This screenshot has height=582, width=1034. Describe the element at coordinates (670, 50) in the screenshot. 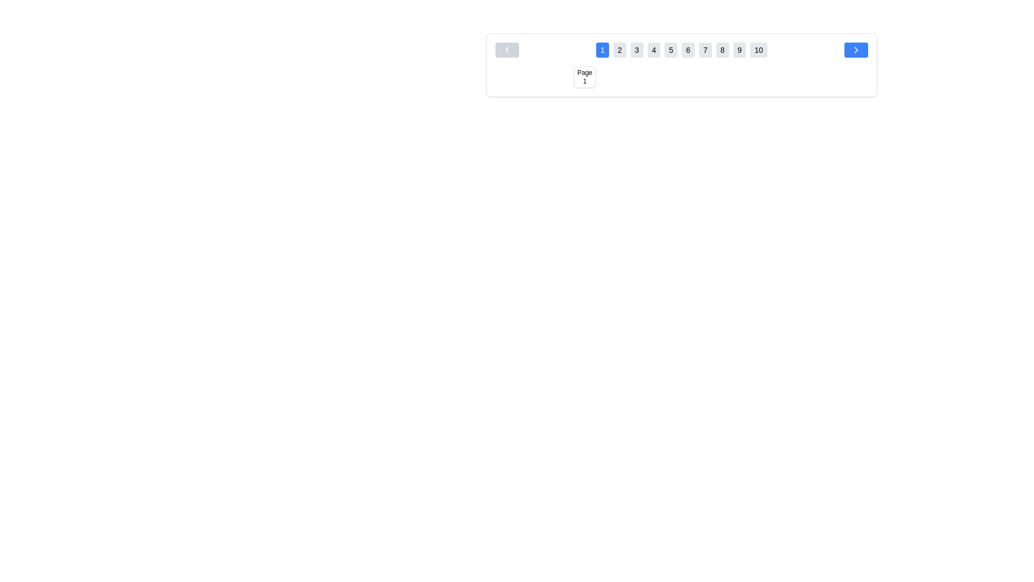

I see `the fifth pagination button located between buttons '4' and '6' to select it` at that location.